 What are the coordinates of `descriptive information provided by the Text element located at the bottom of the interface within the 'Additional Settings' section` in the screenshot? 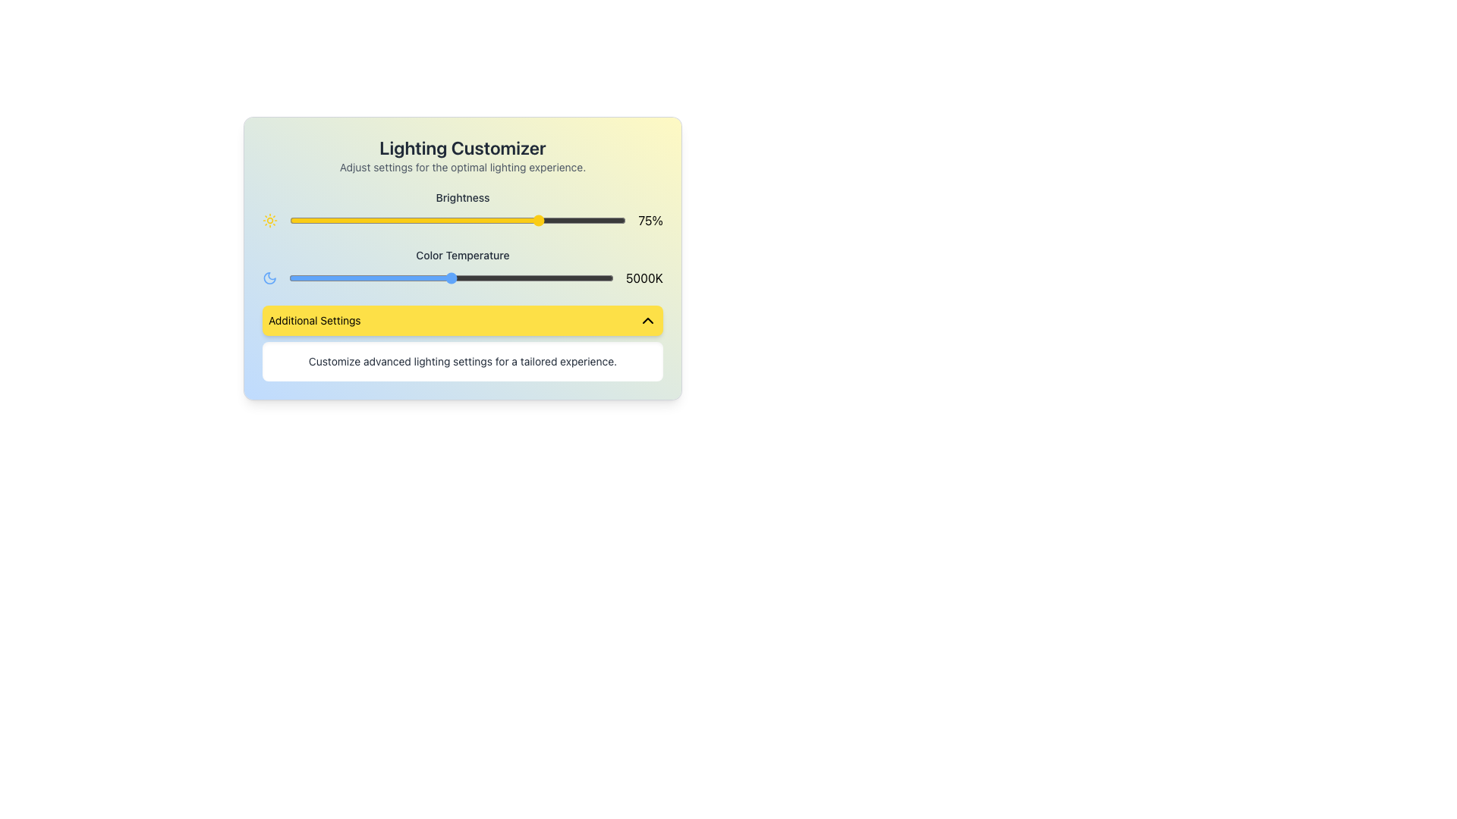 It's located at (461, 362).